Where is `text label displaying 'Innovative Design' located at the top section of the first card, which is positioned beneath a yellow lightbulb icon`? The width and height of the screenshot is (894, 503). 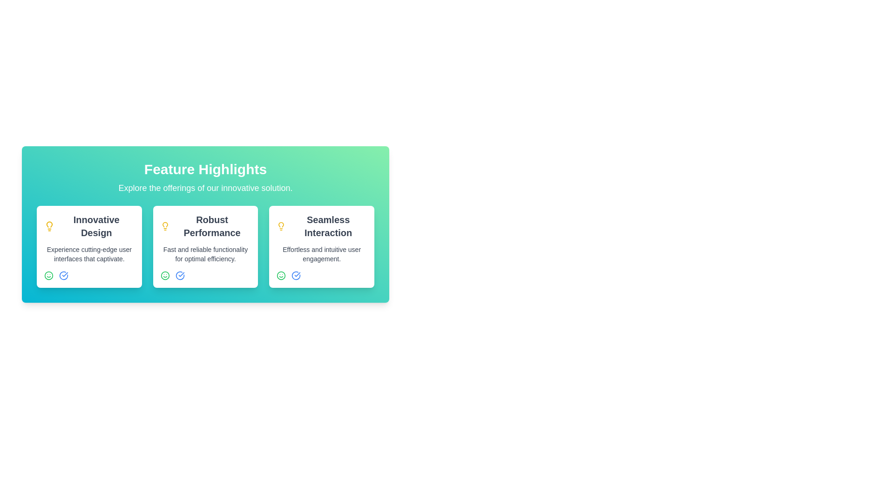
text label displaying 'Innovative Design' located at the top section of the first card, which is positioned beneath a yellow lightbulb icon is located at coordinates (96, 226).